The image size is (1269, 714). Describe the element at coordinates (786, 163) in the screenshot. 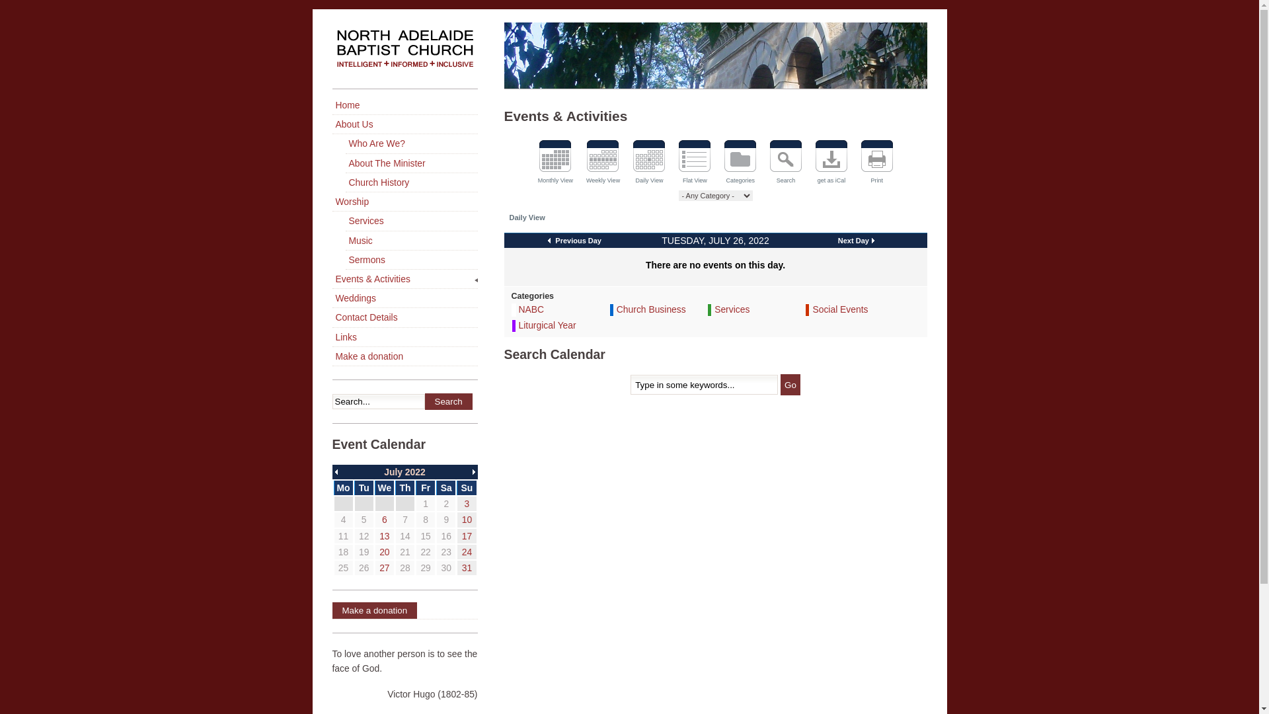

I see `'Search'` at that location.